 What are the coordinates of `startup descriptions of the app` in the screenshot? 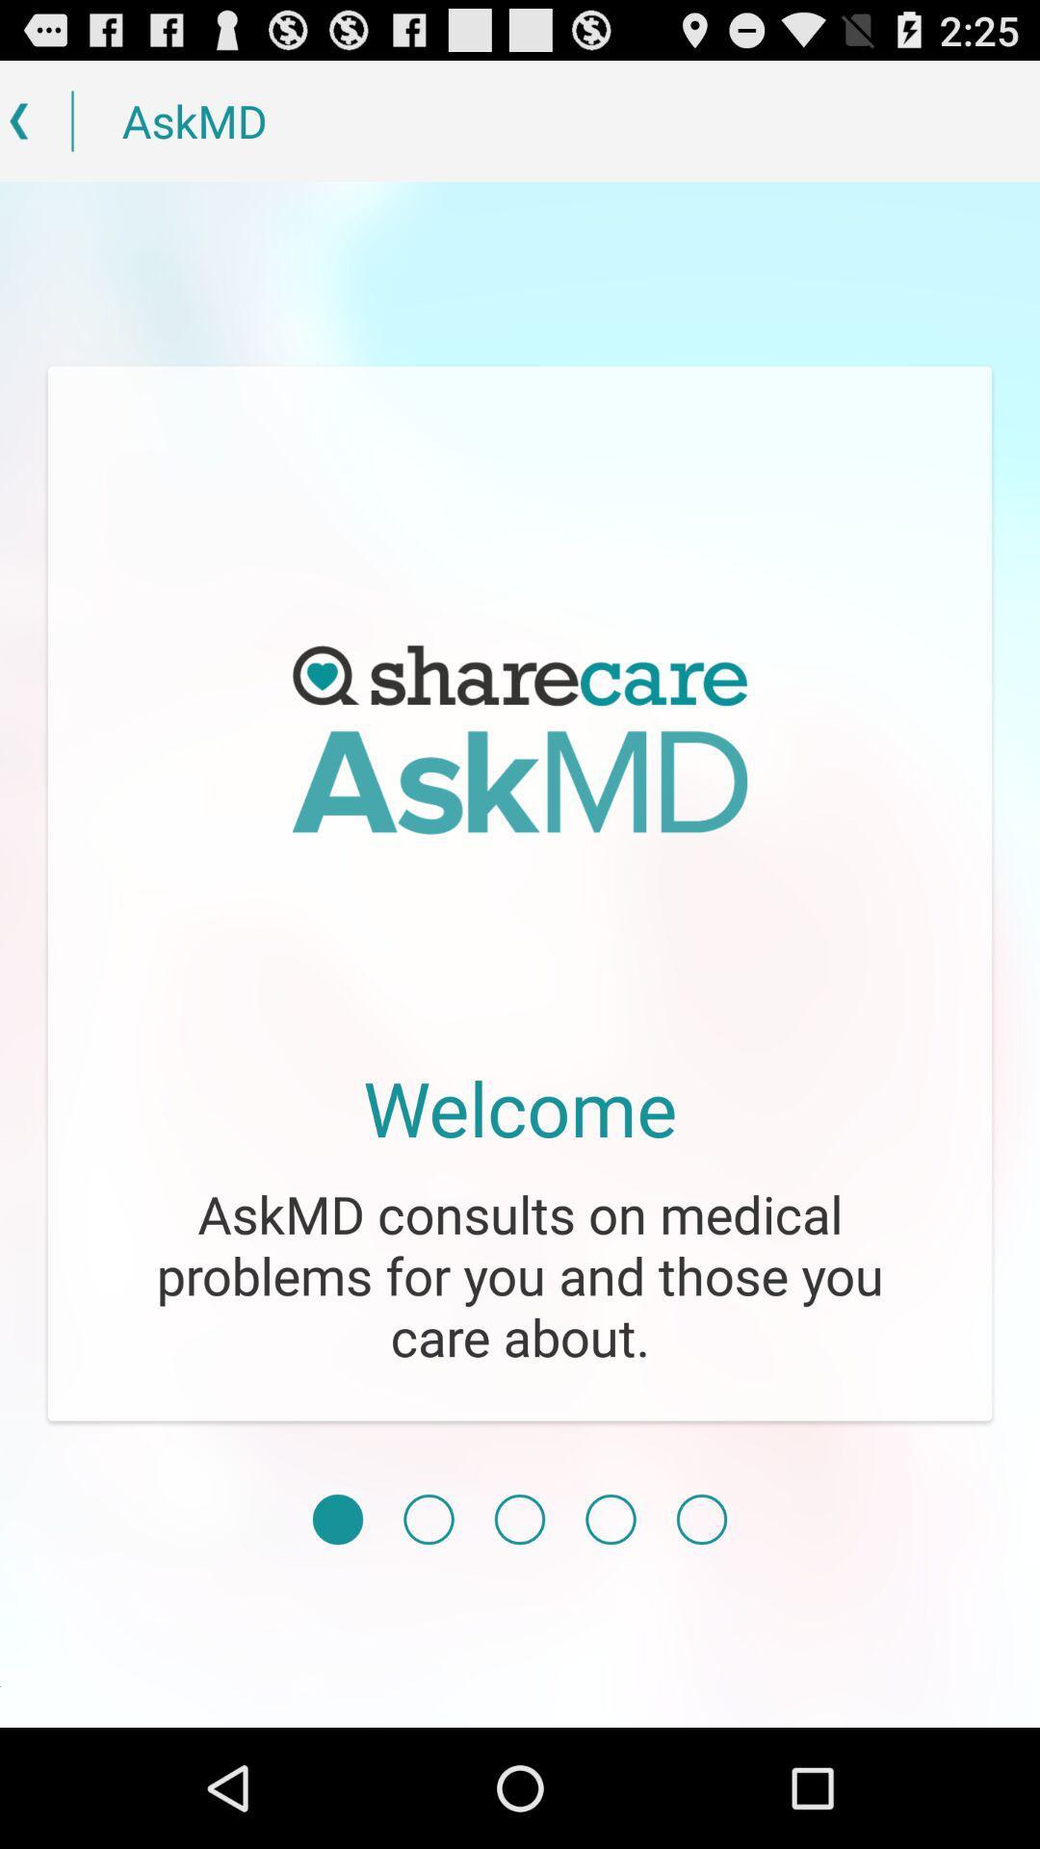 It's located at (611, 1519).